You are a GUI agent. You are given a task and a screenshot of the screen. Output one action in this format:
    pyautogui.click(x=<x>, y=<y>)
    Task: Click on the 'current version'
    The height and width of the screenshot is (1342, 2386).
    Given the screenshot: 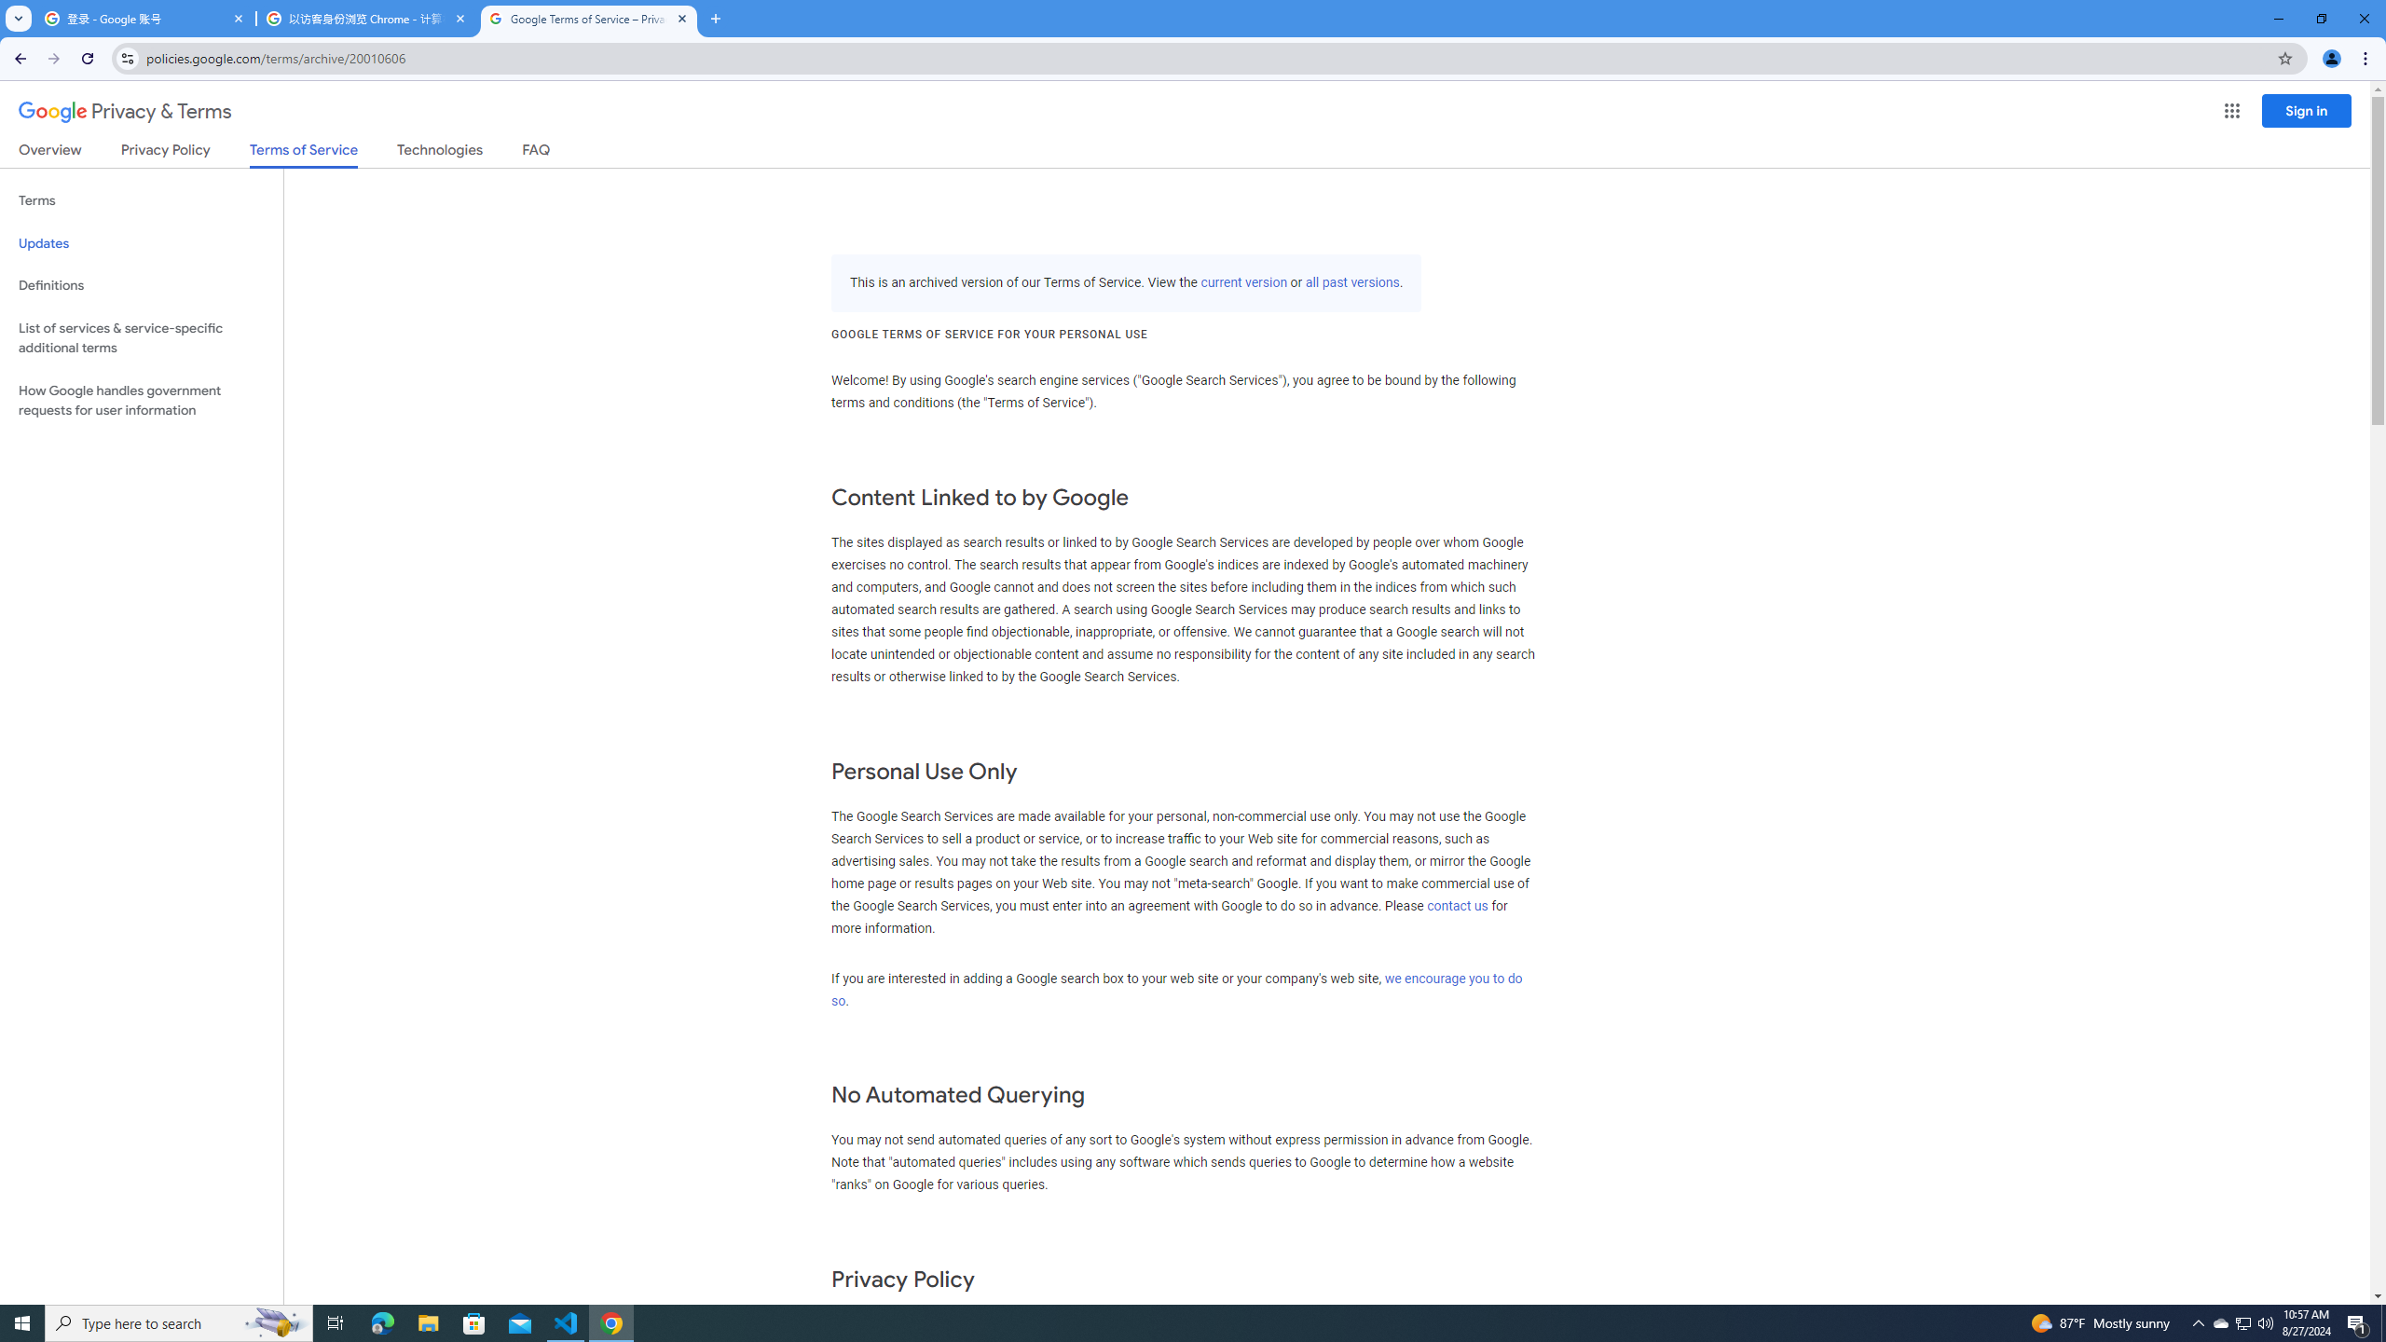 What is the action you would take?
    pyautogui.click(x=1243, y=281)
    